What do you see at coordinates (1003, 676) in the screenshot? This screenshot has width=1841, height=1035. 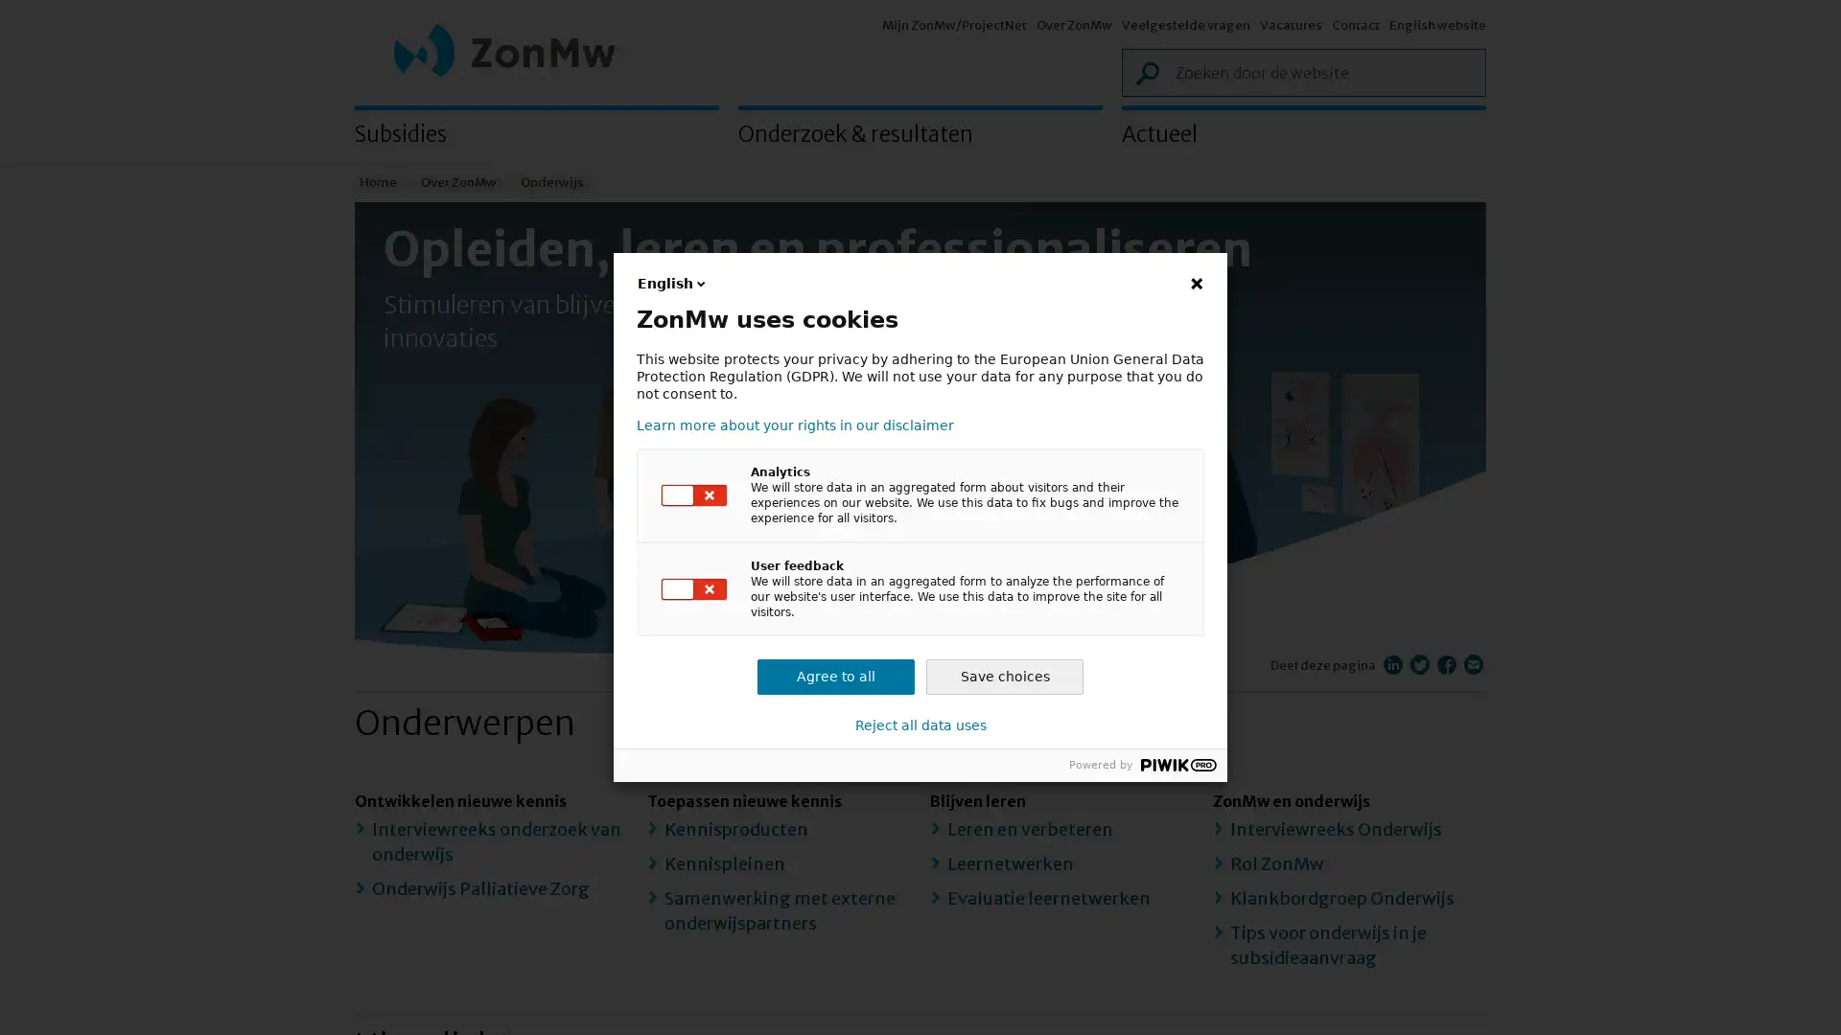 I see `Save choices` at bounding box center [1003, 676].